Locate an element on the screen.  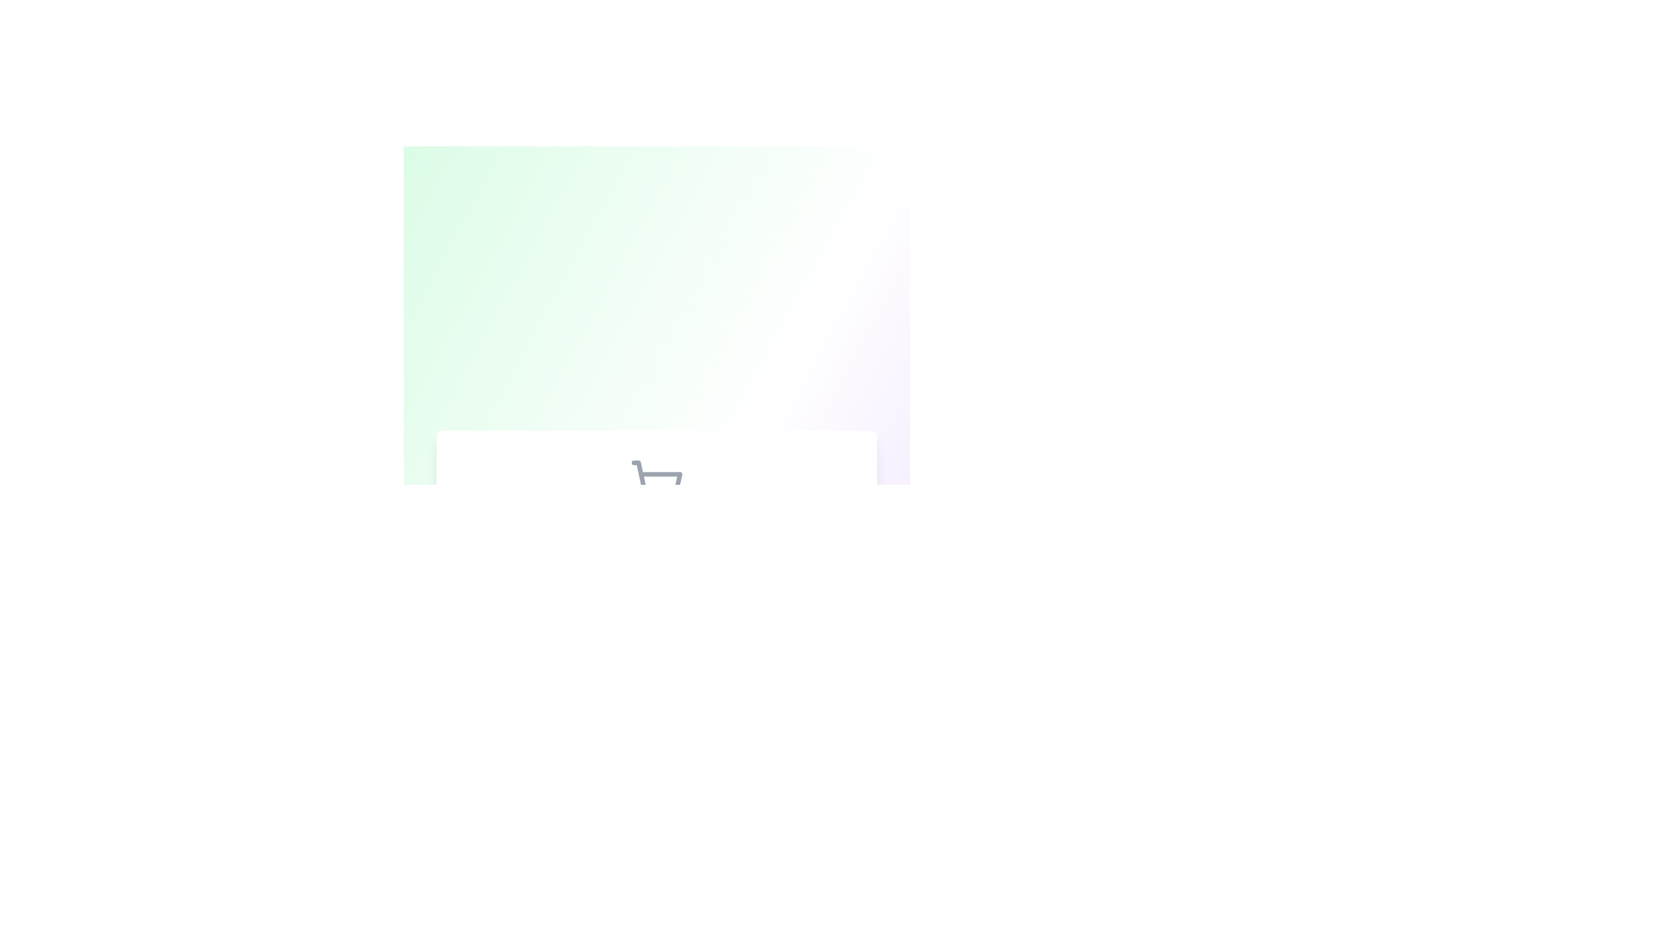
the primary body of the shopping cart icon within the SVG illustration is located at coordinates (656, 479).